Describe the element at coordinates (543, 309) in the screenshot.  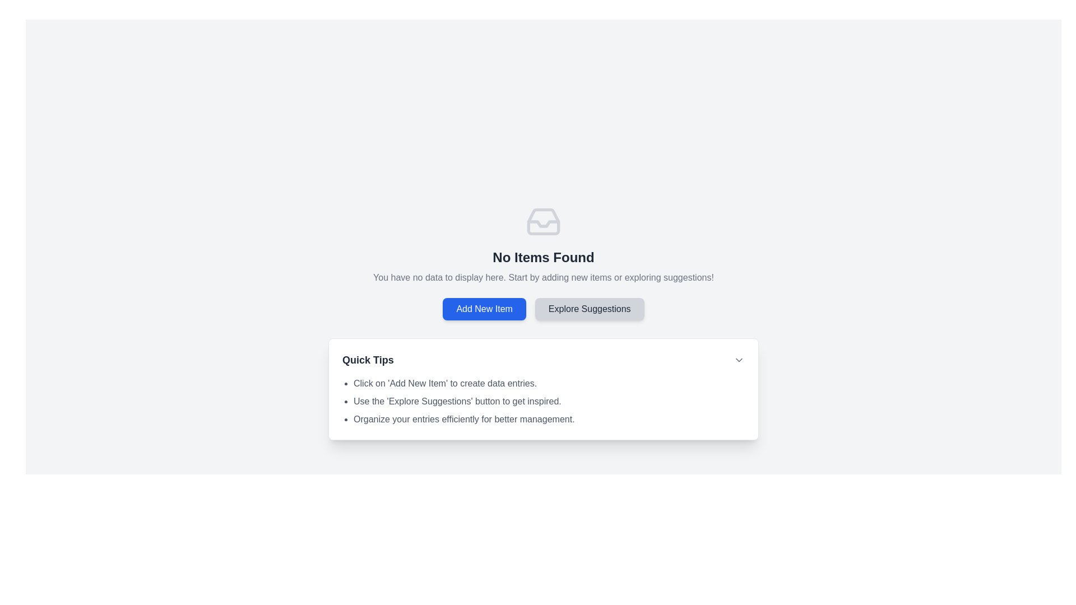
I see `the 'Add New Item' button located below the heading 'No Items Found' within the actionable button group` at that location.